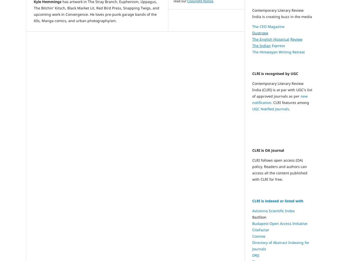 The height and width of the screenshot is (261, 347). I want to click on 'CLRI is indexed or listed with', so click(277, 201).